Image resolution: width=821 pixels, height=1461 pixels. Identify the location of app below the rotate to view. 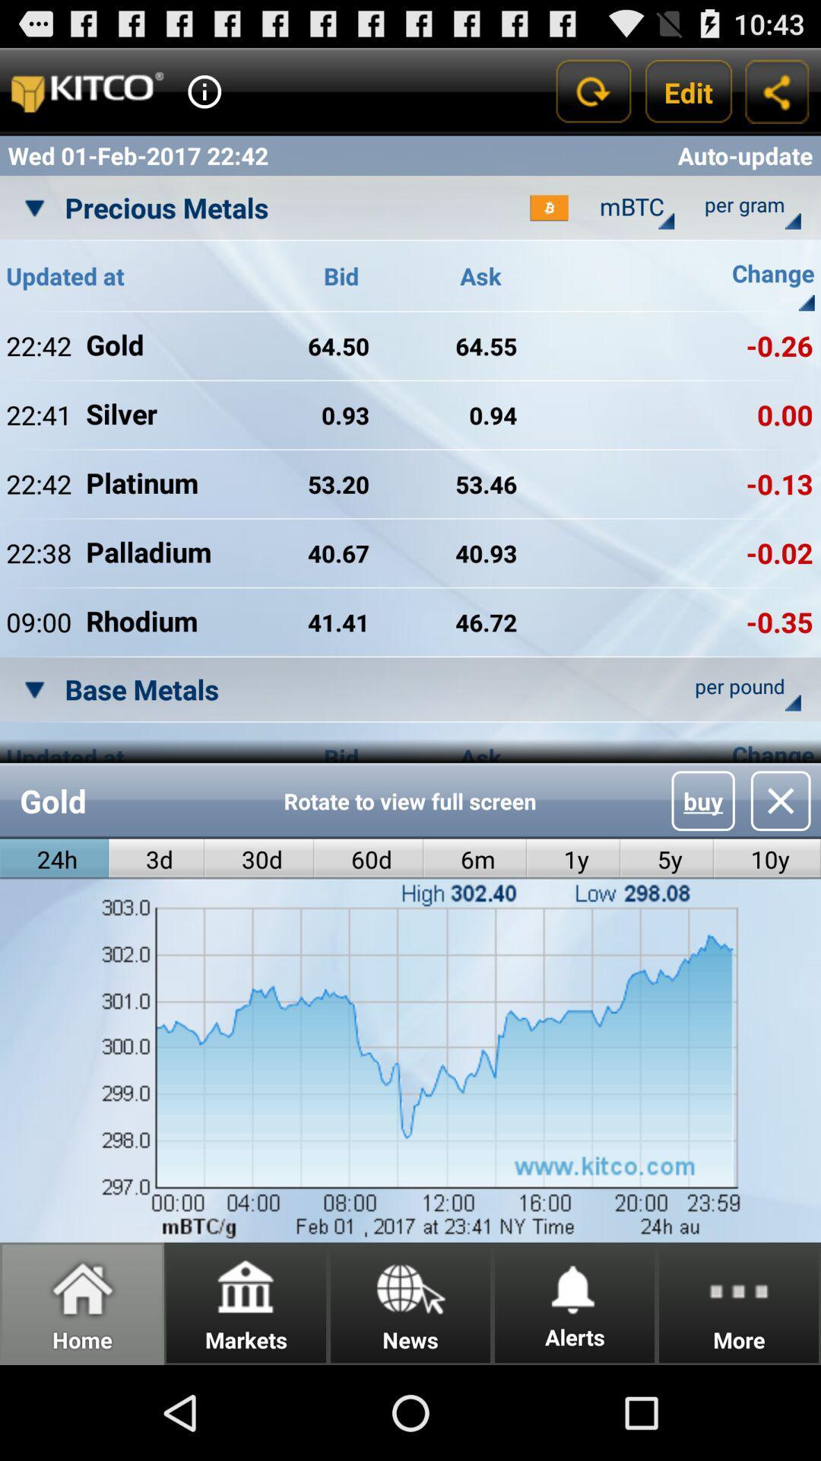
(474, 859).